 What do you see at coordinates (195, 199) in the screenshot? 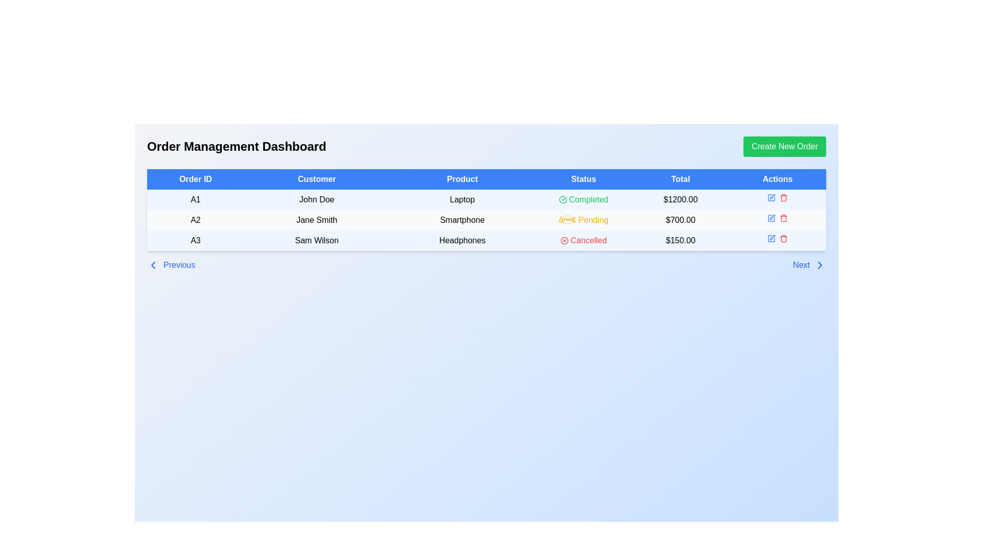
I see `the static text representing the order identifier in the first column of the first data row under the 'Order ID' column, which aligns with 'John Doe' and 'Laptop'` at bounding box center [195, 199].